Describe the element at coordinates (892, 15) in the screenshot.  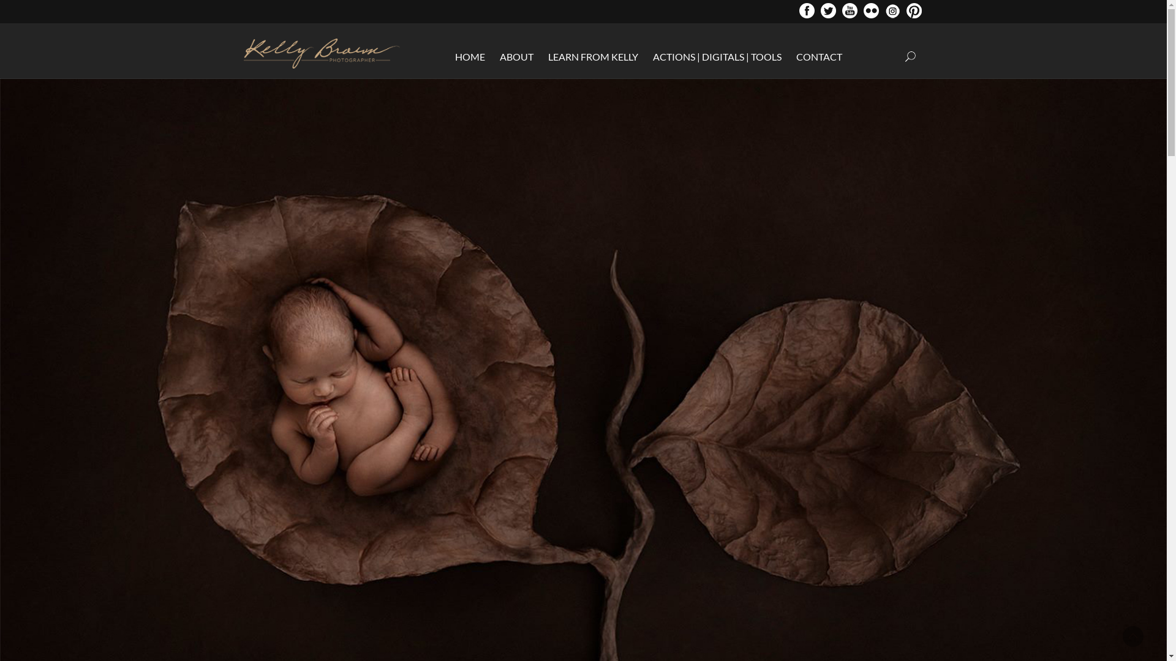
I see `'Instragram'` at that location.